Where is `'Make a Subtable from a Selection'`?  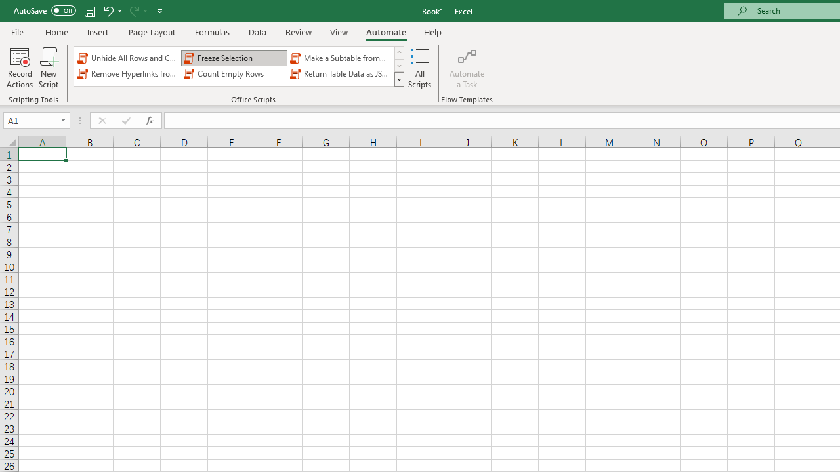 'Make a Subtable from a Selection' is located at coordinates (341, 57).